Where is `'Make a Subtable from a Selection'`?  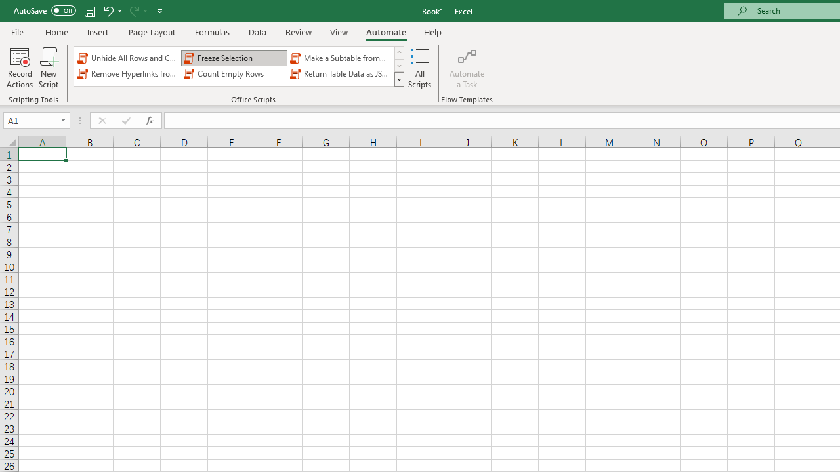 'Make a Subtable from a Selection' is located at coordinates (341, 57).